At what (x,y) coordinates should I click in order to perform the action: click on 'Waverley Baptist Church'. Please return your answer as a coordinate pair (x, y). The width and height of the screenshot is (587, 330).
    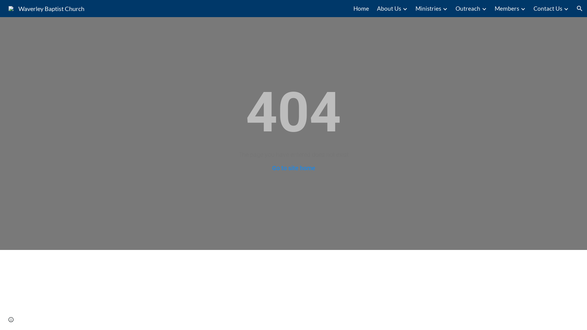
    Looking at the image, I should click on (46, 7).